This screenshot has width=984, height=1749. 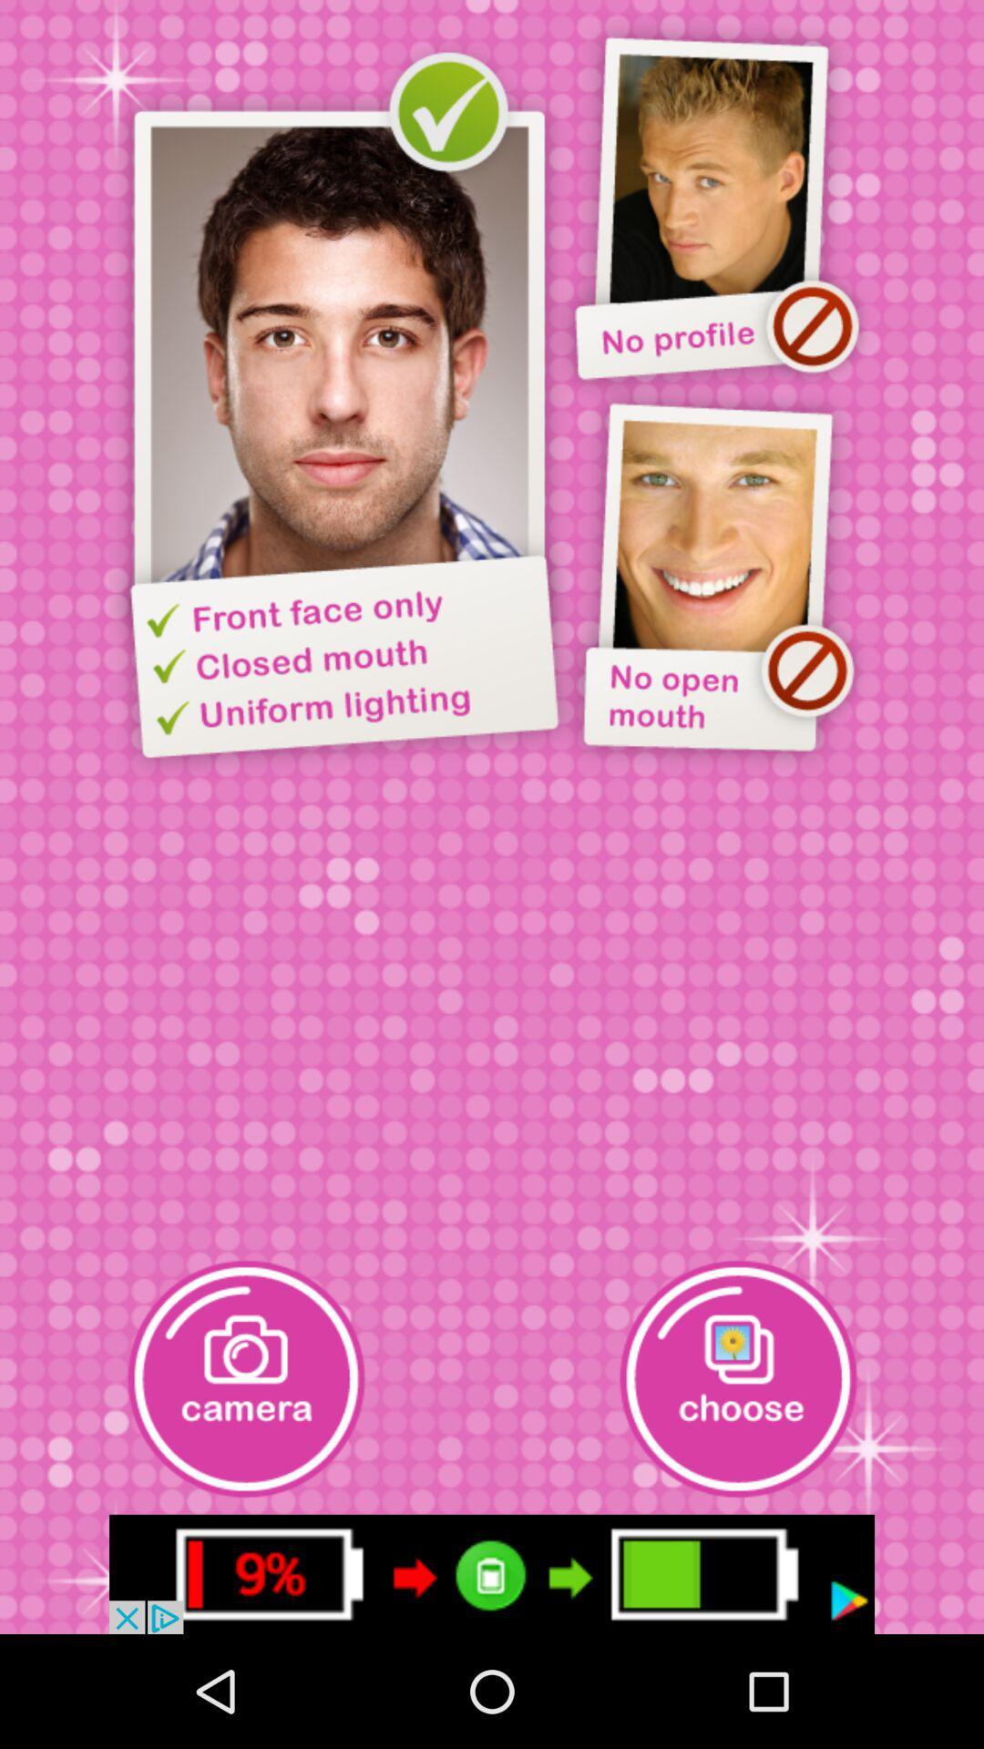 I want to click on camera button, so click(x=246, y=1378).